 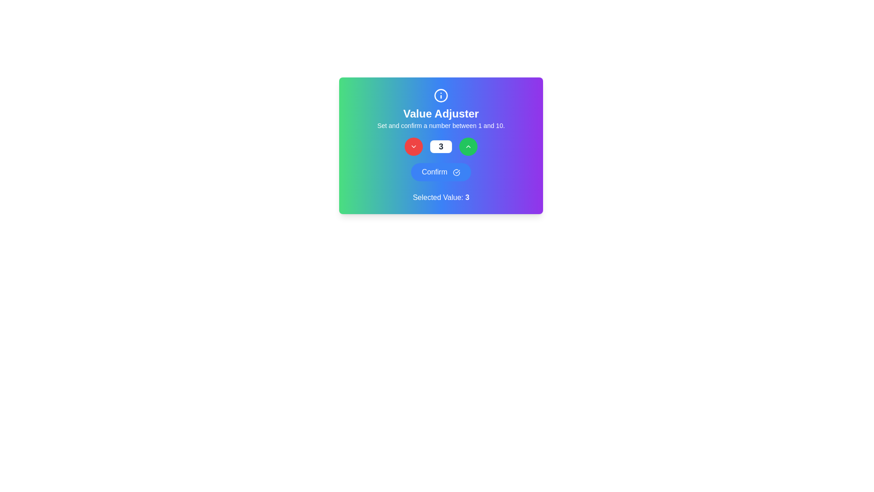 I want to click on the 'Value Adjuster' instructional header, so click(x=441, y=108).